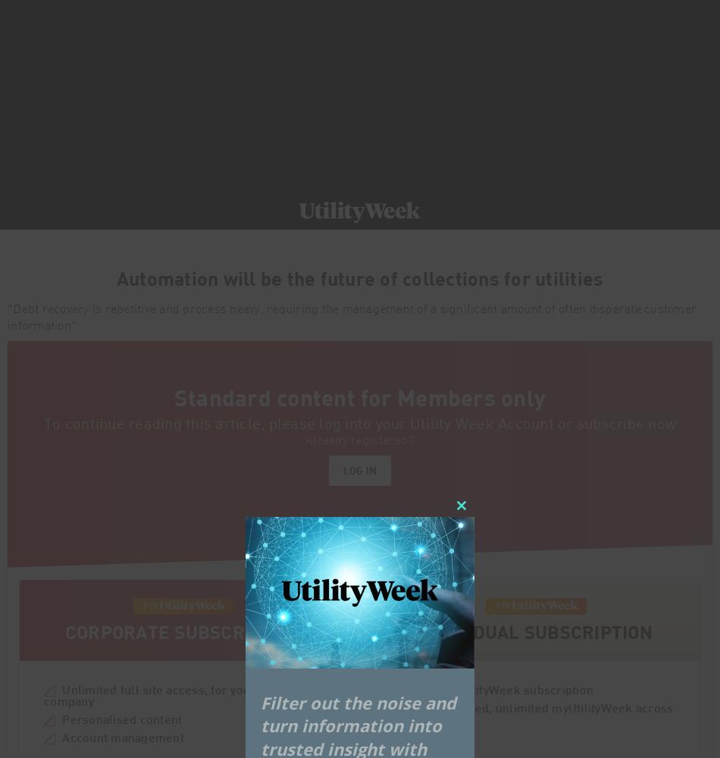 Image resolution: width=720 pixels, height=758 pixels. Describe the element at coordinates (122, 720) in the screenshot. I see `'Personalised content'` at that location.